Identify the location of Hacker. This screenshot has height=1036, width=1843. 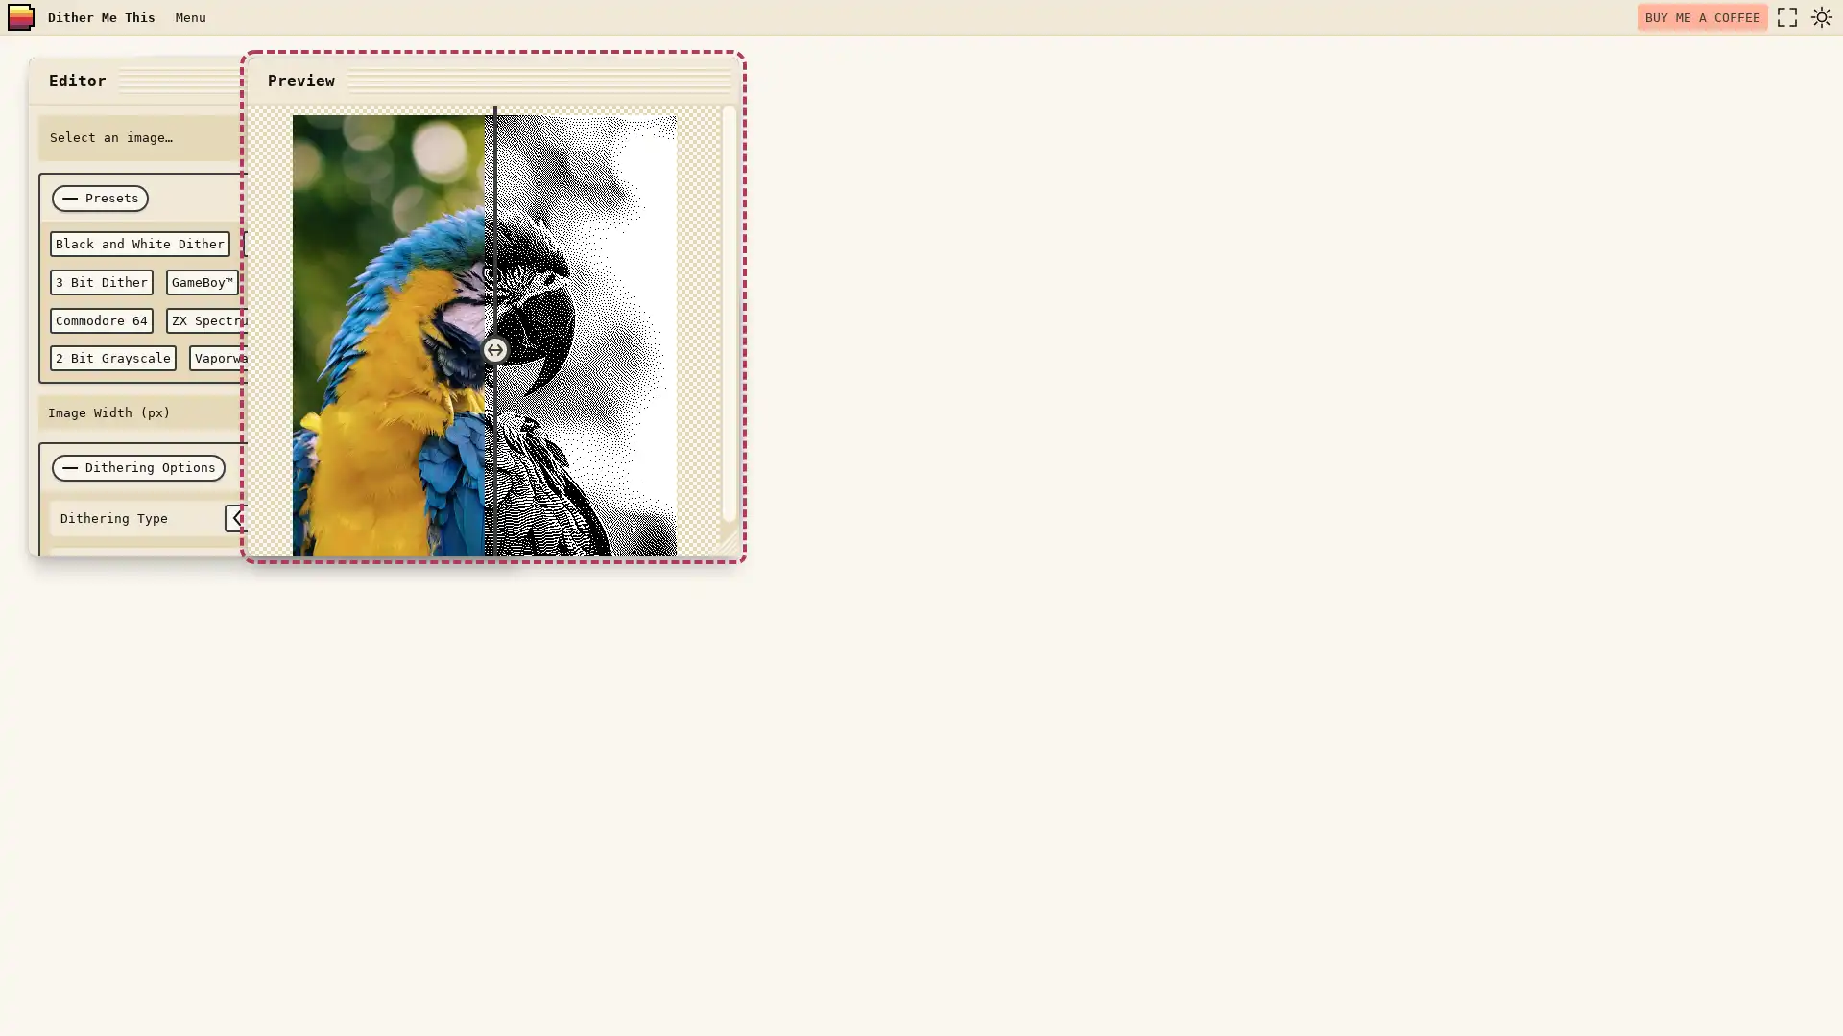
(171, 358).